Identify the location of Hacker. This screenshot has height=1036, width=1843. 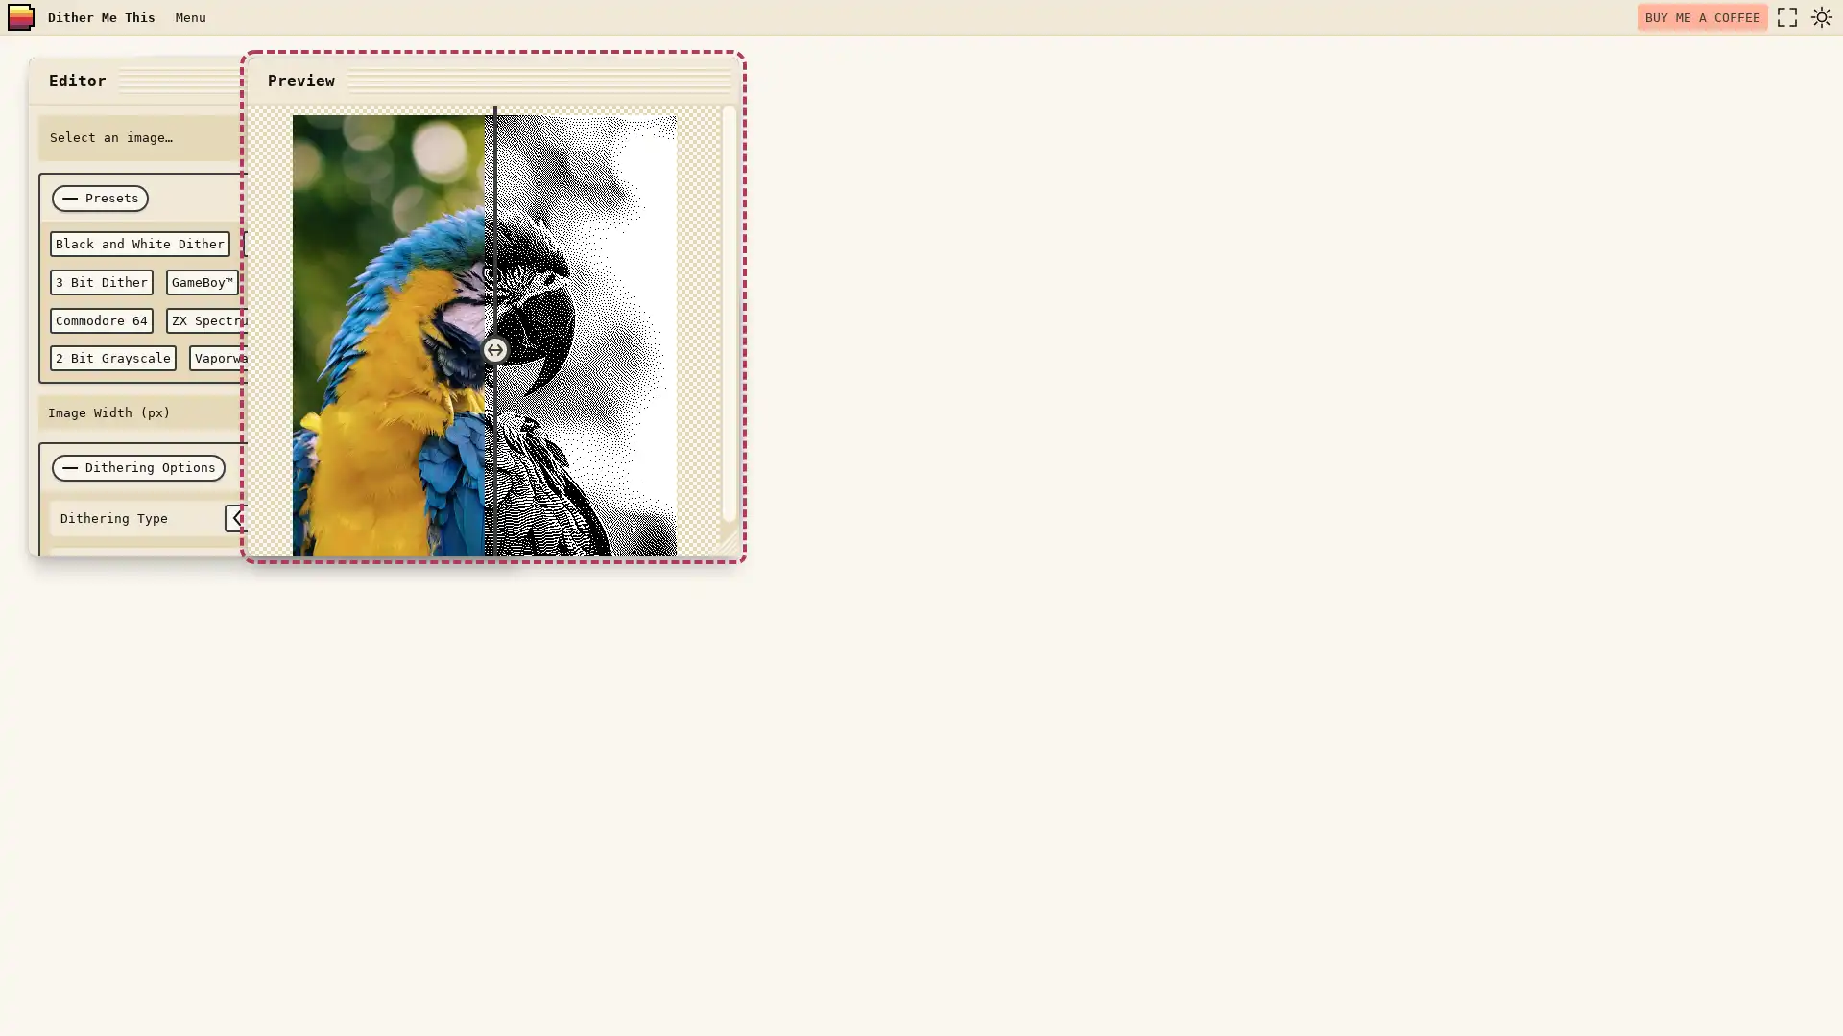
(171, 358).